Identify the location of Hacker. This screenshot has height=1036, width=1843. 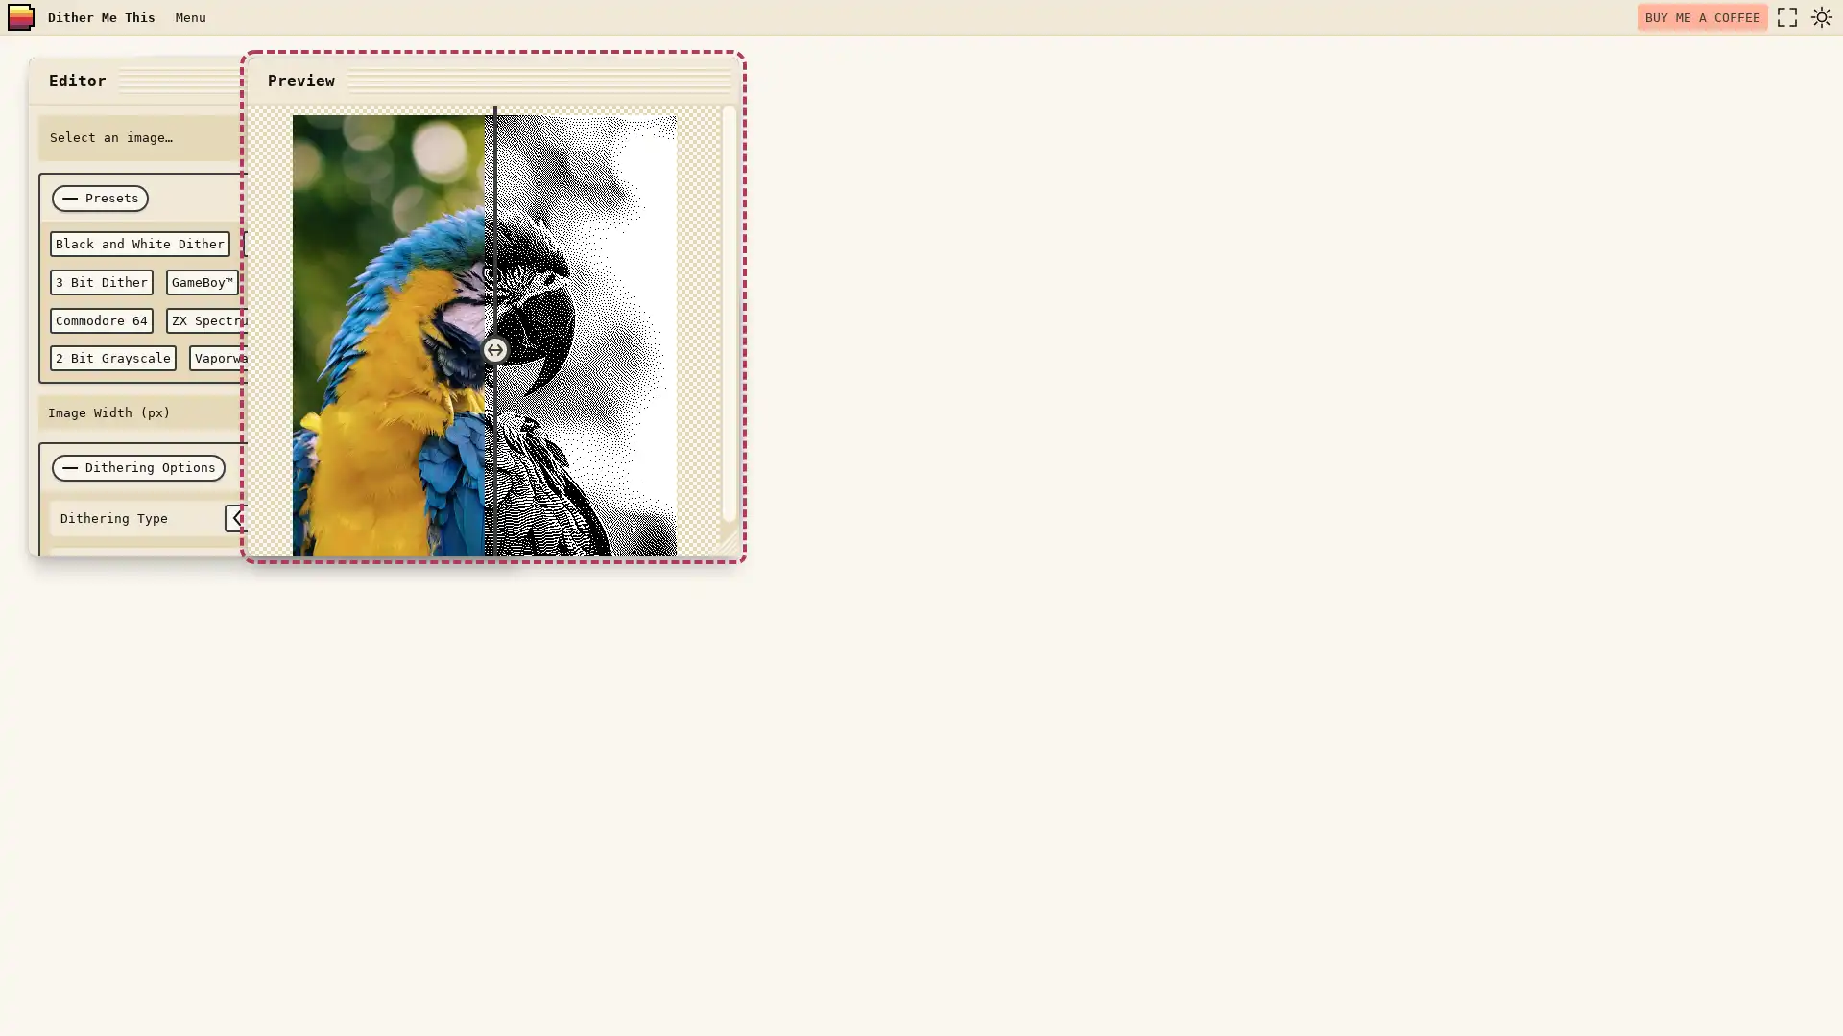
(171, 358).